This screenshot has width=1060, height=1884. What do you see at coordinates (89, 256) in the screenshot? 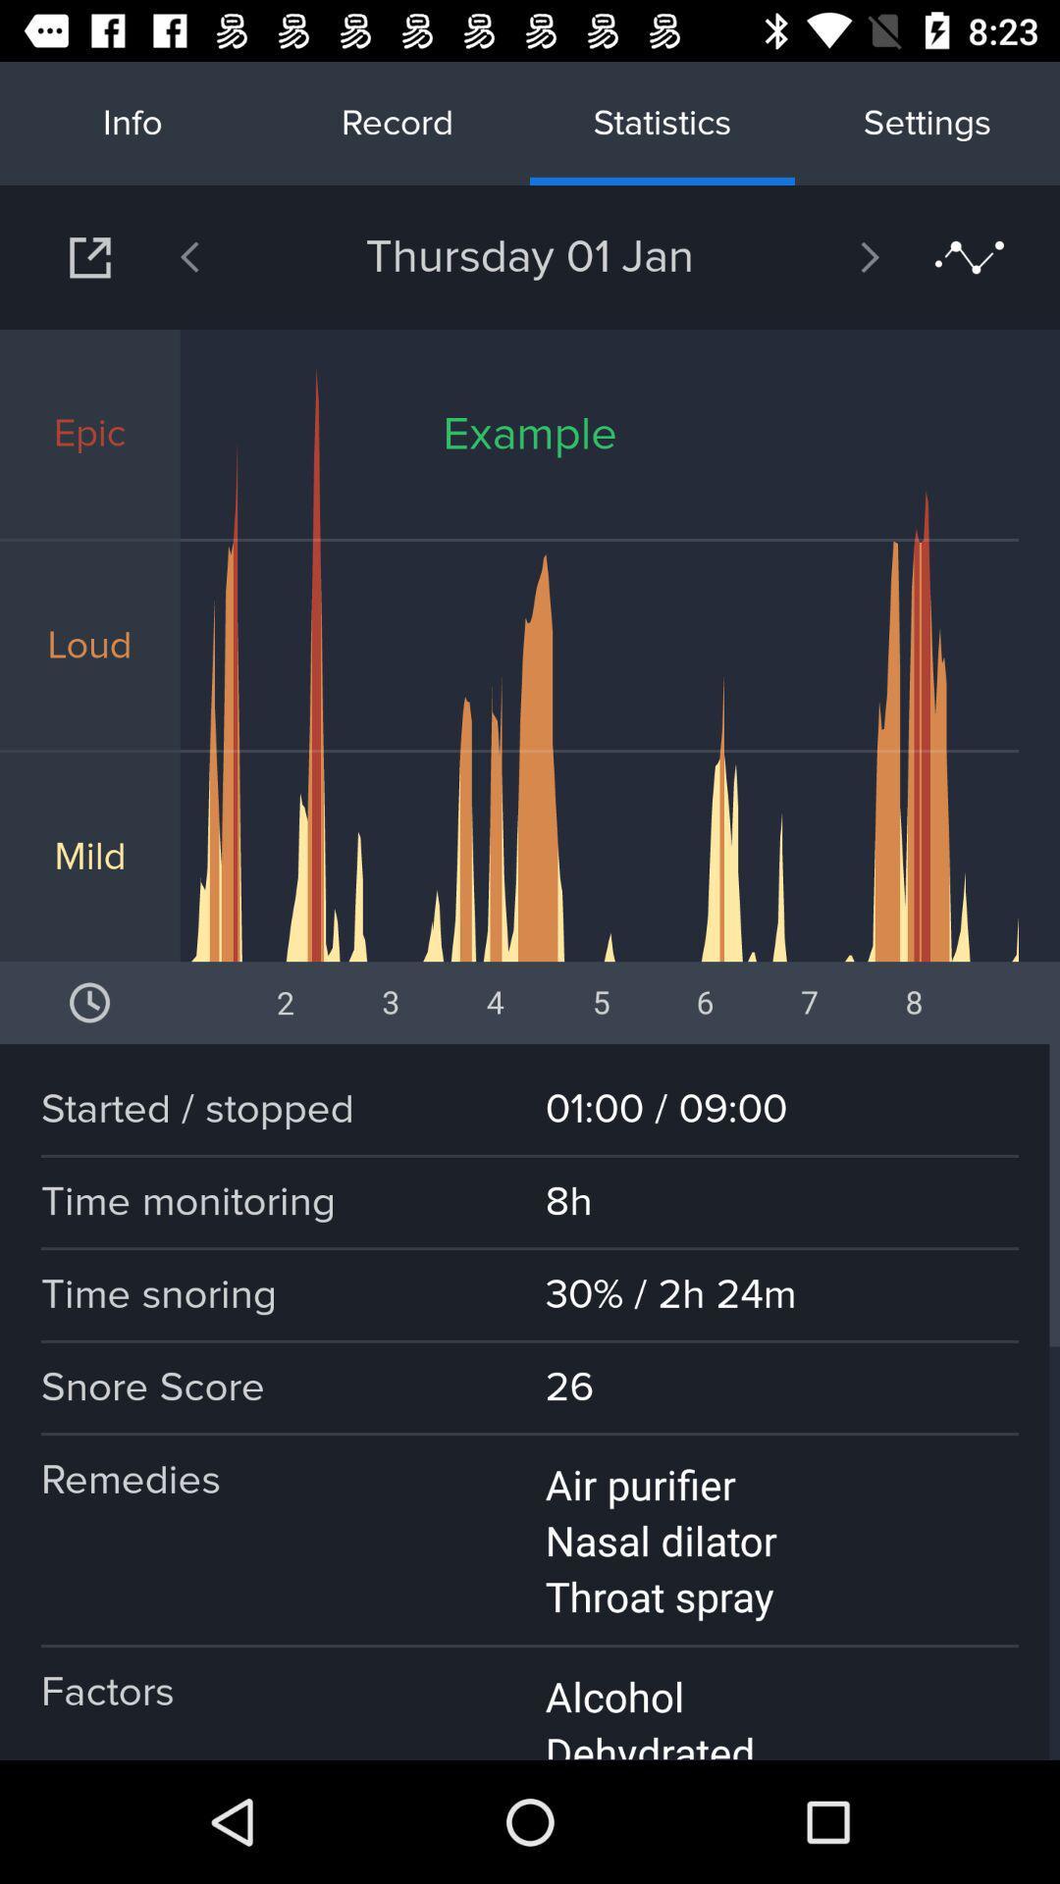
I see `para comprovar la pureza del aire` at bounding box center [89, 256].